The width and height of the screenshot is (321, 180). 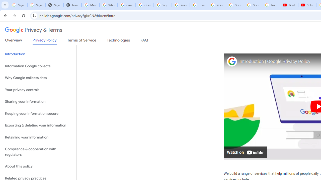 What do you see at coordinates (289, 5) in the screenshot?
I see `'YouTube'` at bounding box center [289, 5].